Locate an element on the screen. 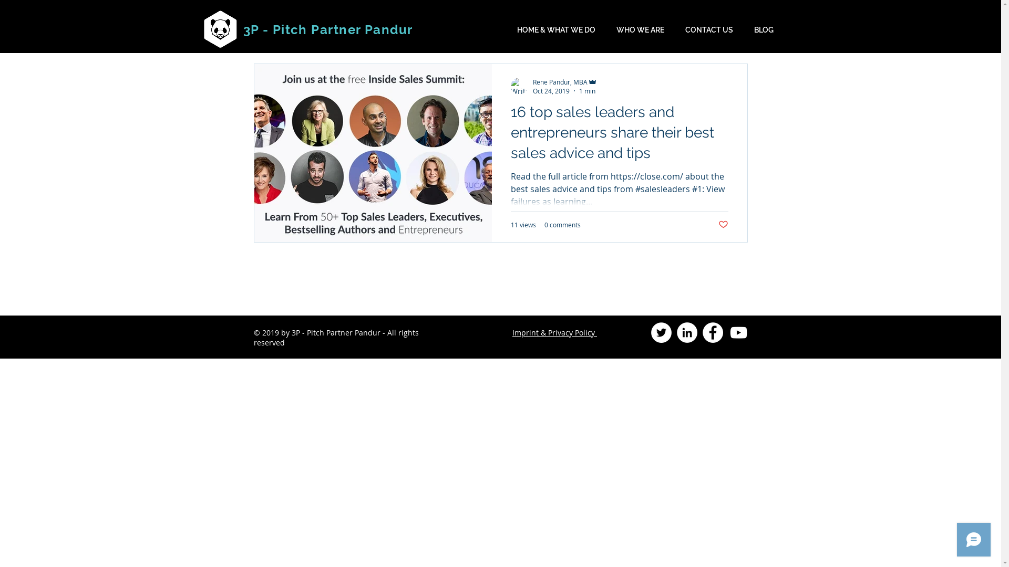 The width and height of the screenshot is (1009, 567). 'WHO WE ARE' is located at coordinates (640, 29).